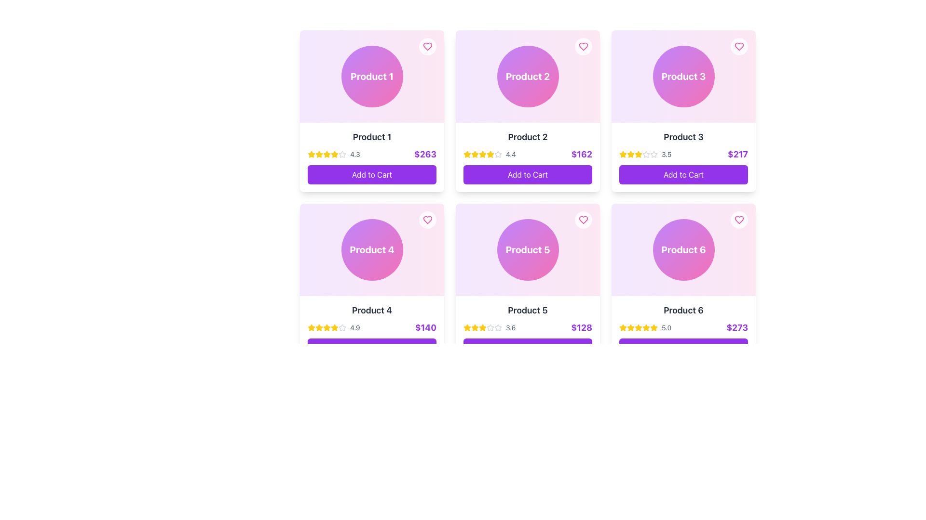 This screenshot has height=520, width=926. I want to click on the rightmost star icon representing a full rating in the rating system for 'Product 6' located beneath the product image and name, so click(654, 327).